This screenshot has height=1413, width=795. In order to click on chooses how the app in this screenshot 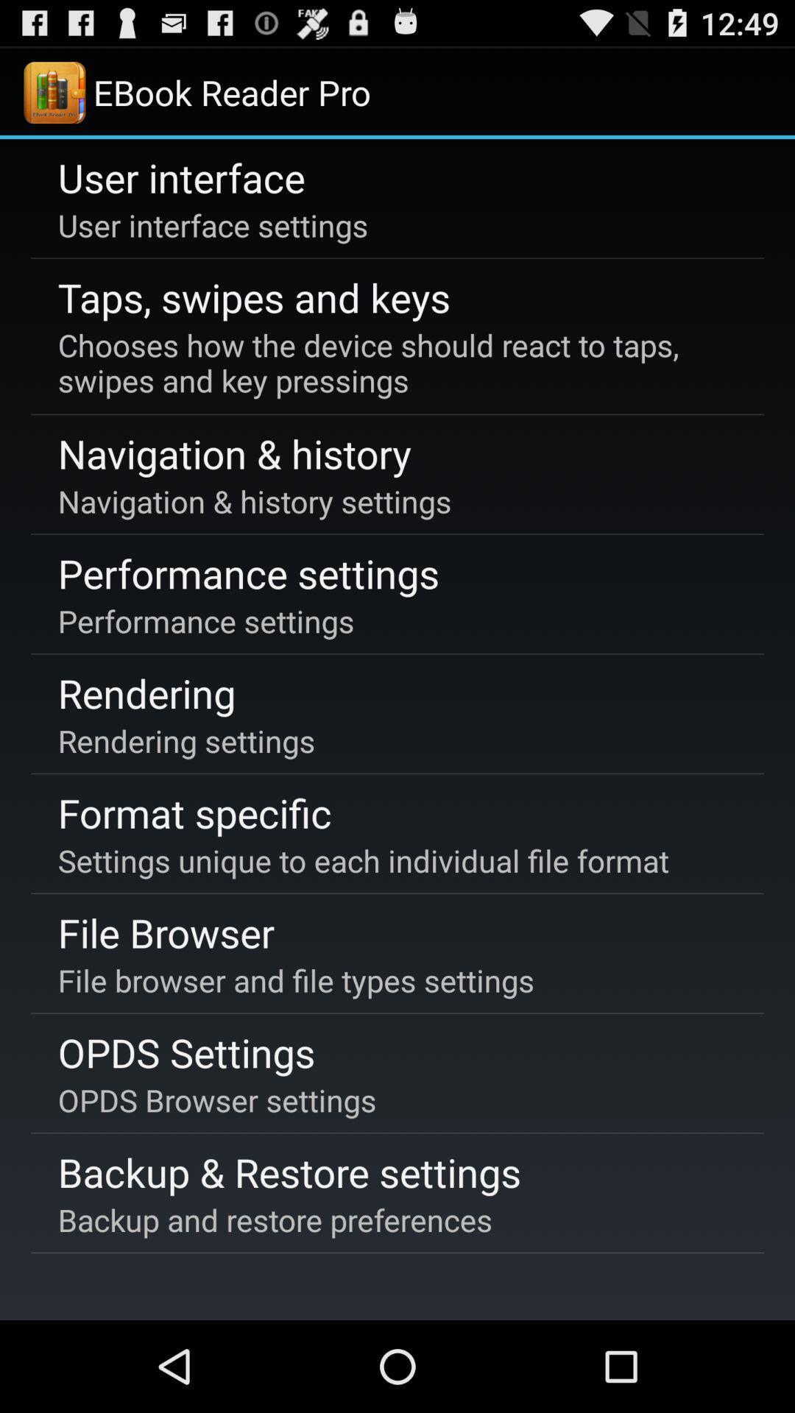, I will do `click(395, 363)`.